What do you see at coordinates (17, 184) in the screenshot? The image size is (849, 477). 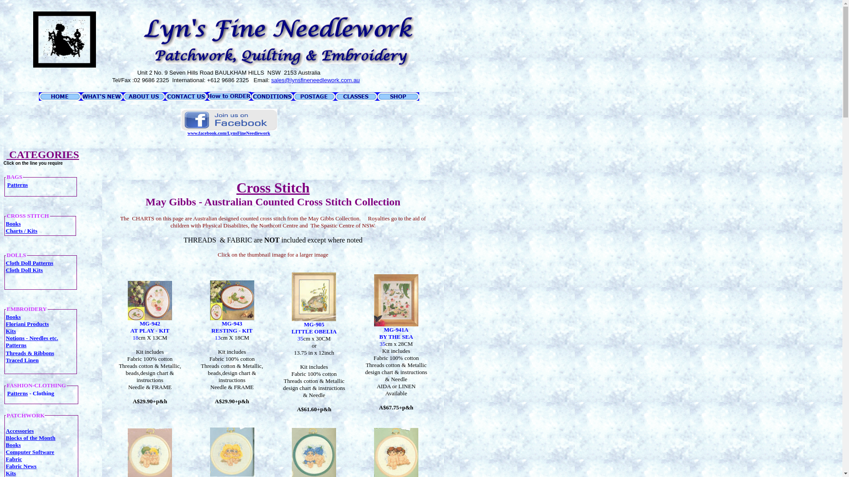 I see `'Patterns'` at bounding box center [17, 184].